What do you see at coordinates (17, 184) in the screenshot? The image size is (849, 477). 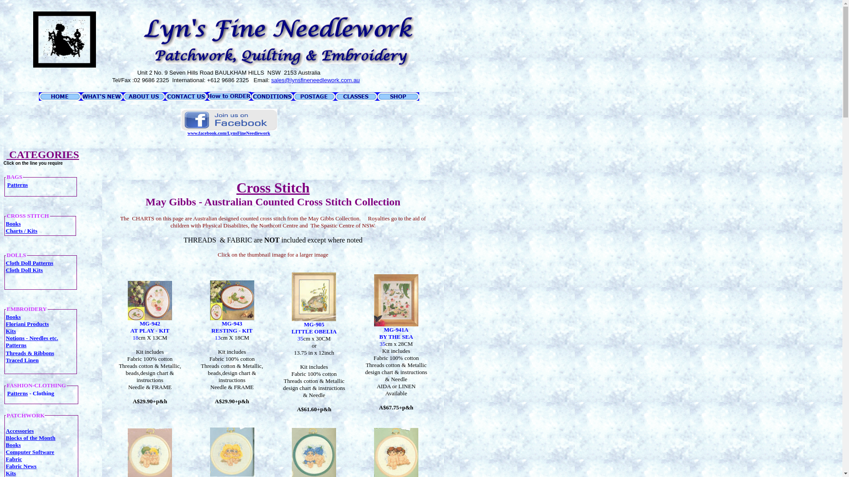 I see `'Patterns'` at bounding box center [17, 184].